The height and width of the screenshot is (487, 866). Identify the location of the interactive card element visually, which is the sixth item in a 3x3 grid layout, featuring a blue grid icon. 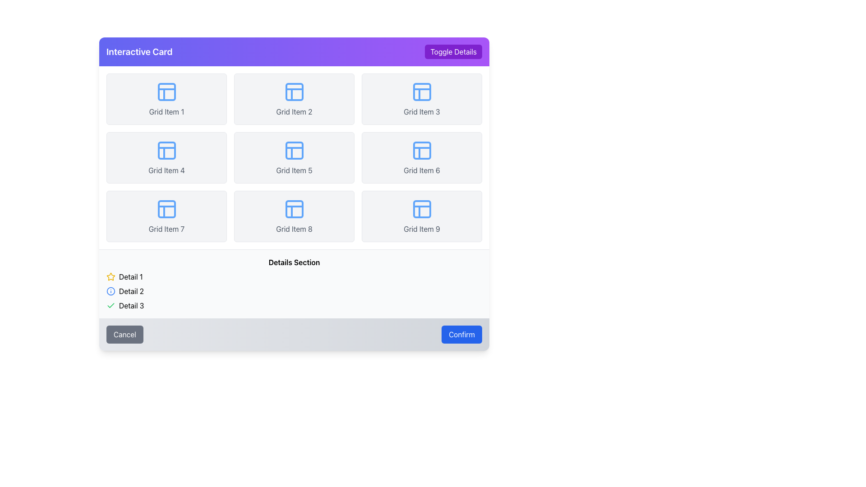
(421, 157).